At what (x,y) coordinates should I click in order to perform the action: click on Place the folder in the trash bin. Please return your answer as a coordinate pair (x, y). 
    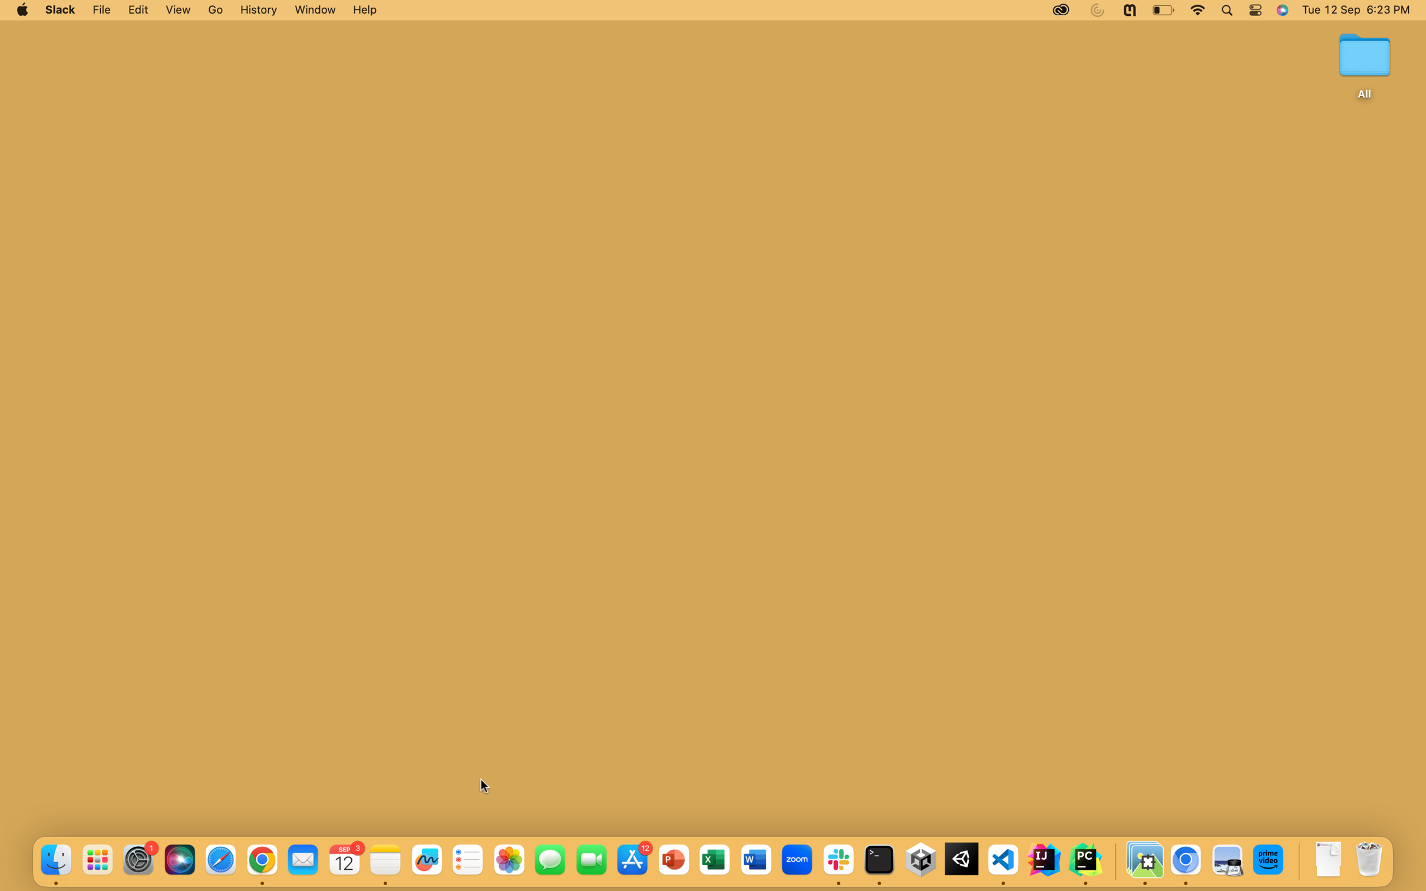
    Looking at the image, I should click on (4588155, 143451).